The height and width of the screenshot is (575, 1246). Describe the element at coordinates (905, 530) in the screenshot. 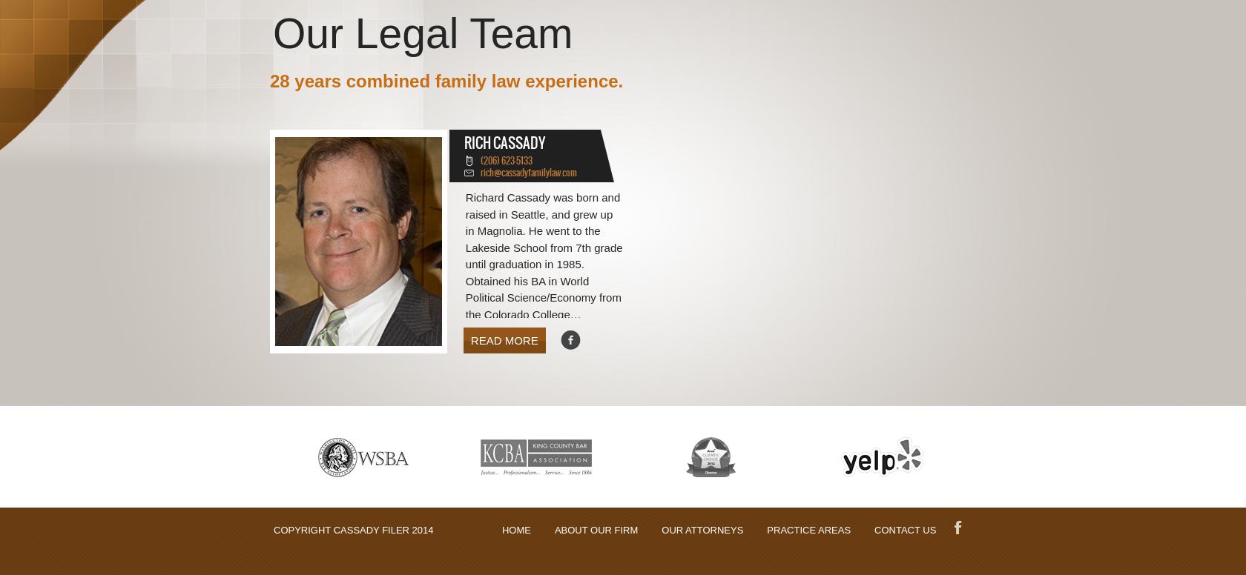

I see `'CONTACT US'` at that location.